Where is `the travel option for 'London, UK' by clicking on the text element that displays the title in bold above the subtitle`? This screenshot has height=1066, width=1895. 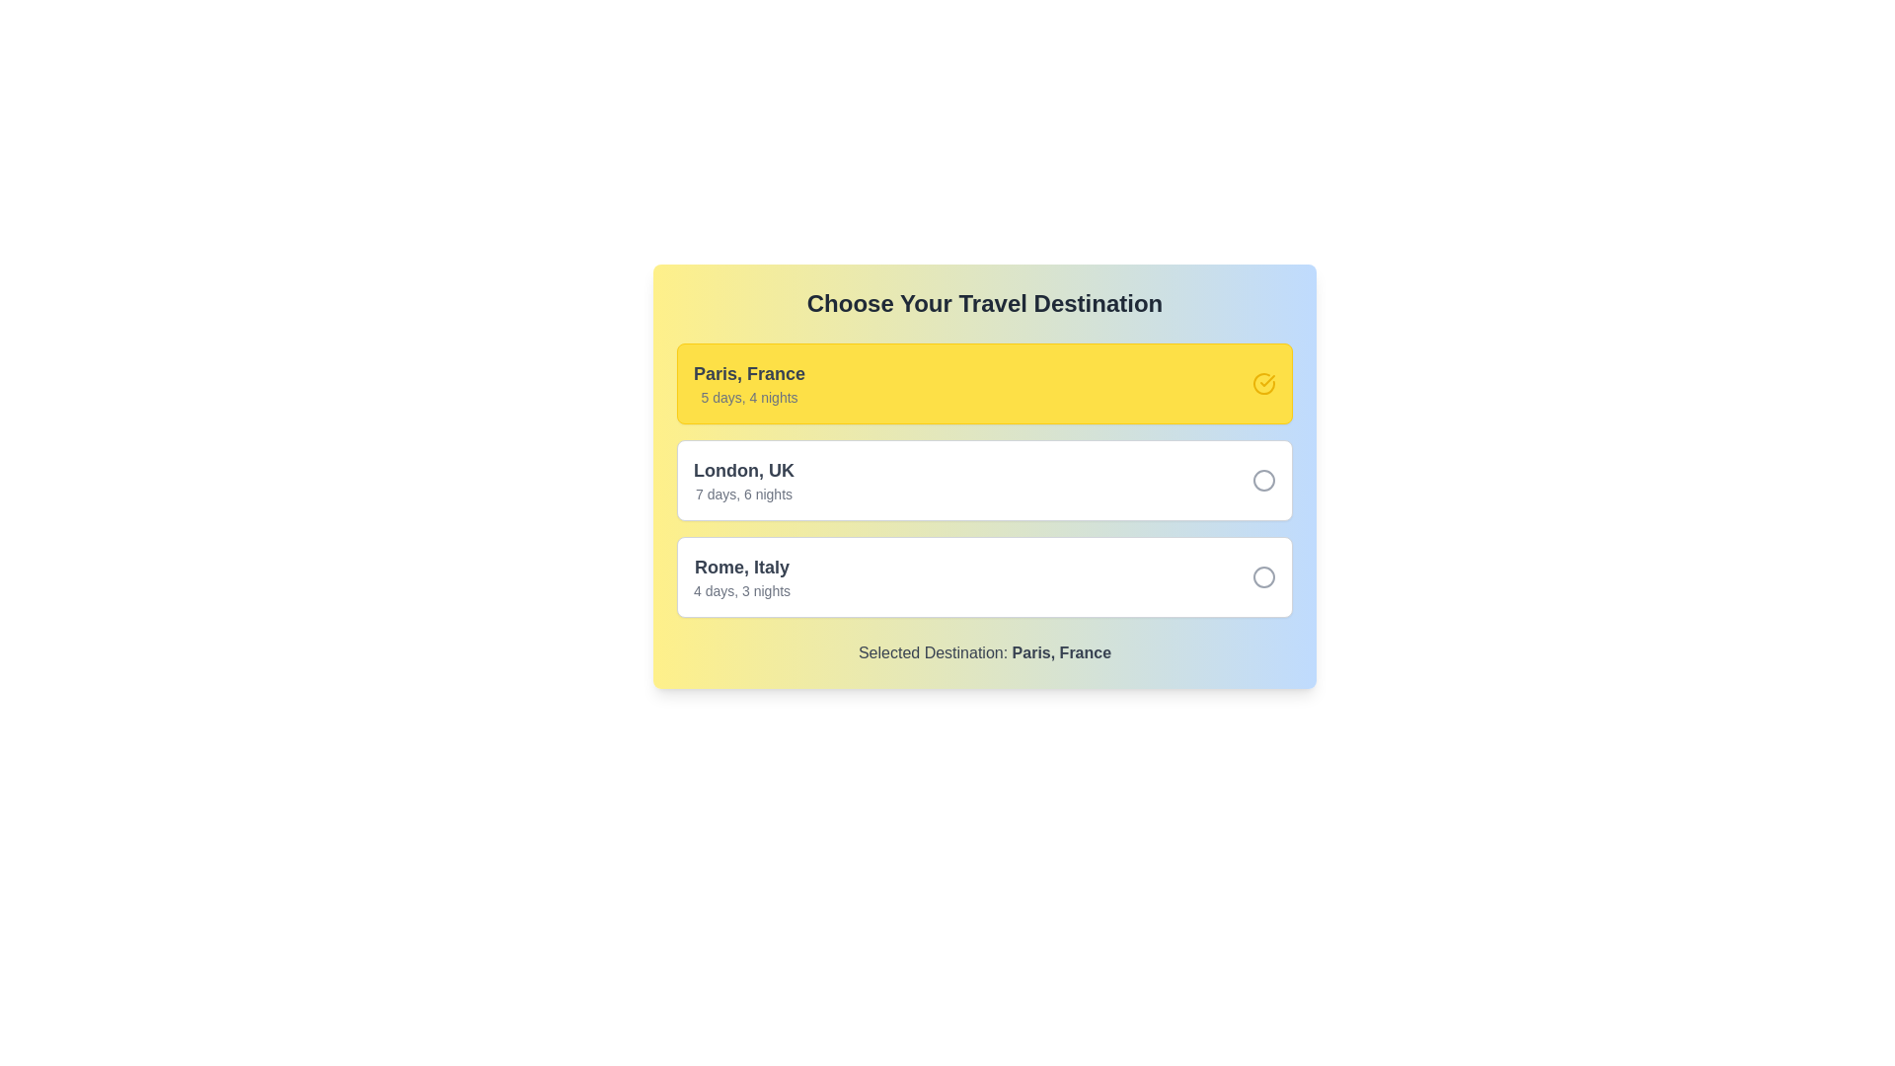 the travel option for 'London, UK' by clicking on the text element that displays the title in bold above the subtitle is located at coordinates (742, 480).